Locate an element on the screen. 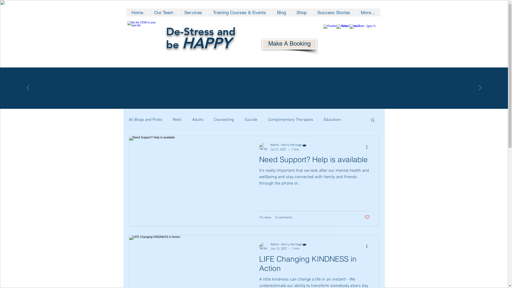 The image size is (512, 288). 'All Blogs and Posts' is located at coordinates (145, 119).